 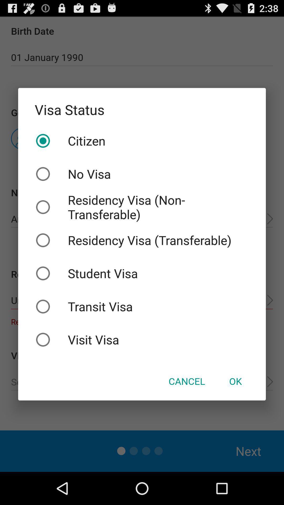 I want to click on the icon below visit visa icon, so click(x=186, y=381).